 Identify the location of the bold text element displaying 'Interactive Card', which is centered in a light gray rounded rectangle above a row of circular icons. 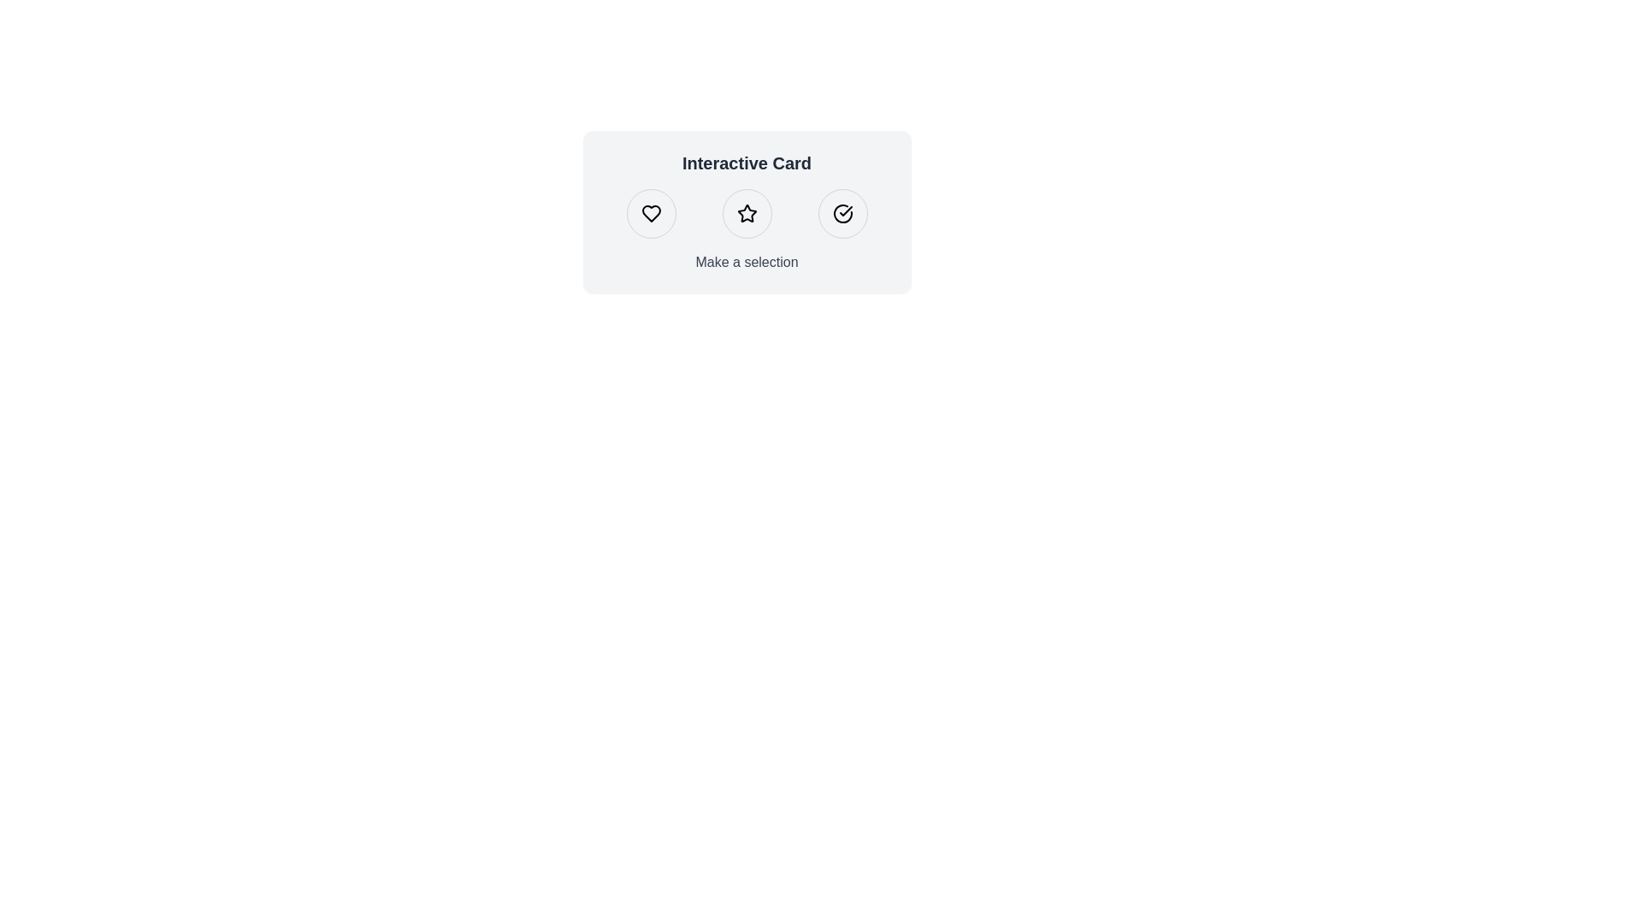
(747, 163).